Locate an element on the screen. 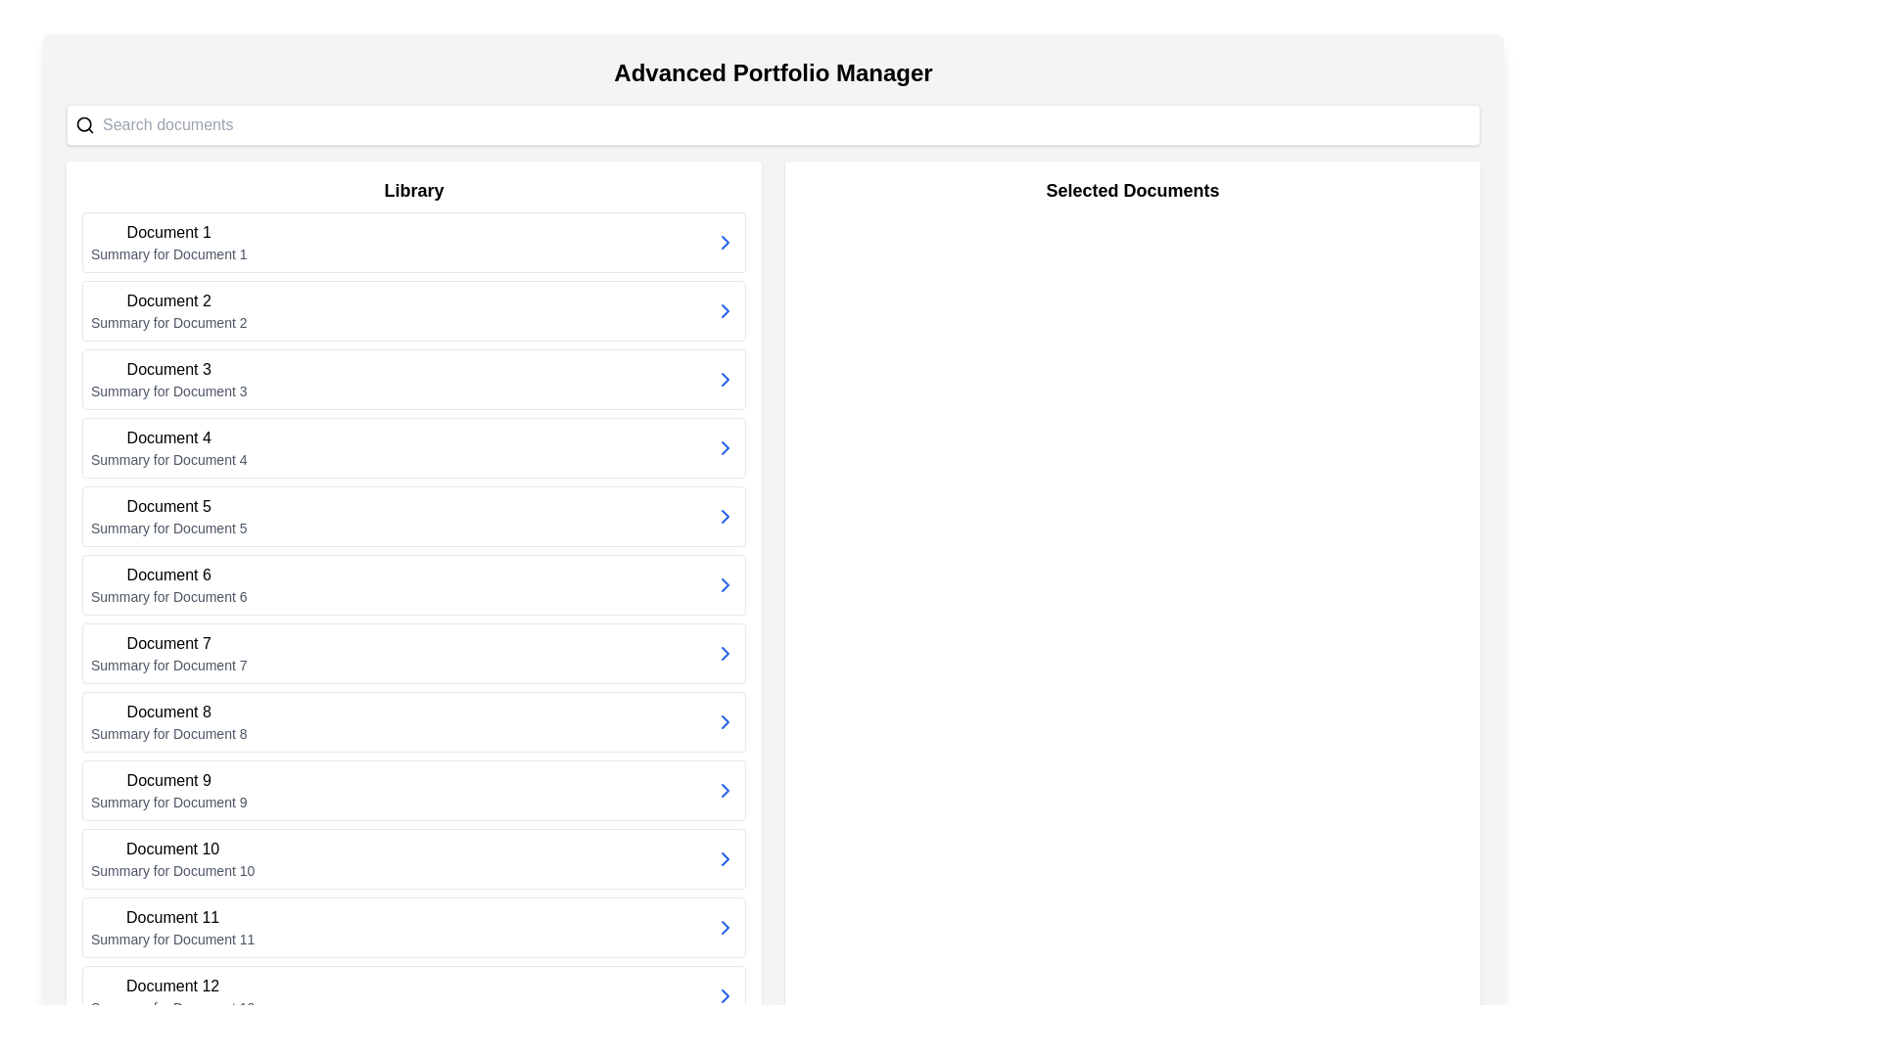 This screenshot has width=1880, height=1057. the arrow icon on the right-hand side of the panel displaying 'Document 10' is located at coordinates (724, 858).